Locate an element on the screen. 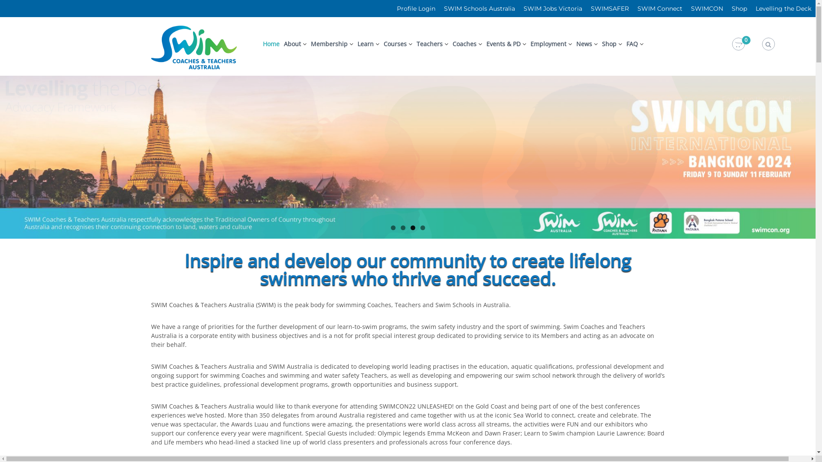  '1' is located at coordinates (392, 227).